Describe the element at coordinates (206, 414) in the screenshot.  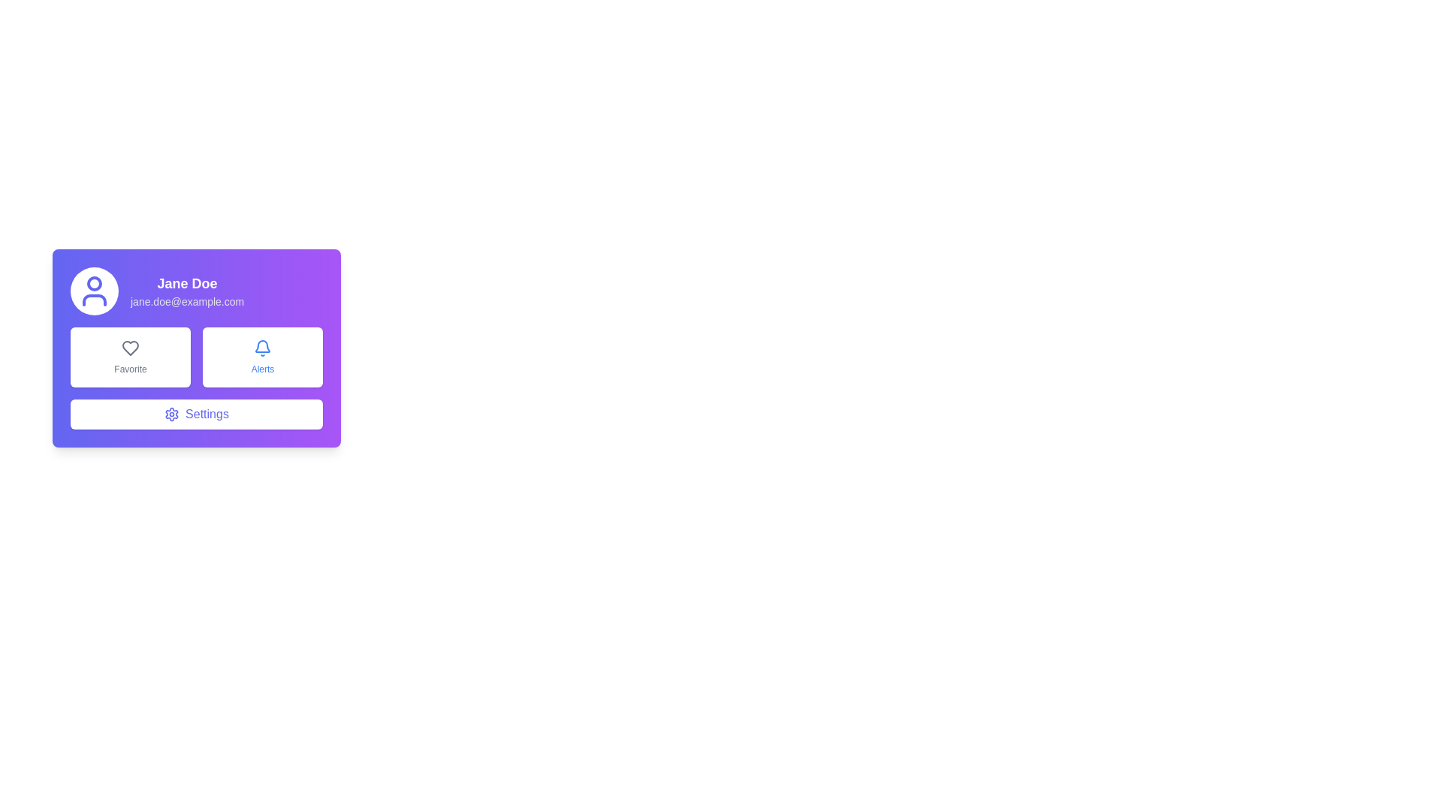
I see `the text label located to the right of the gear icon within the settings button on the profile card interface` at that location.